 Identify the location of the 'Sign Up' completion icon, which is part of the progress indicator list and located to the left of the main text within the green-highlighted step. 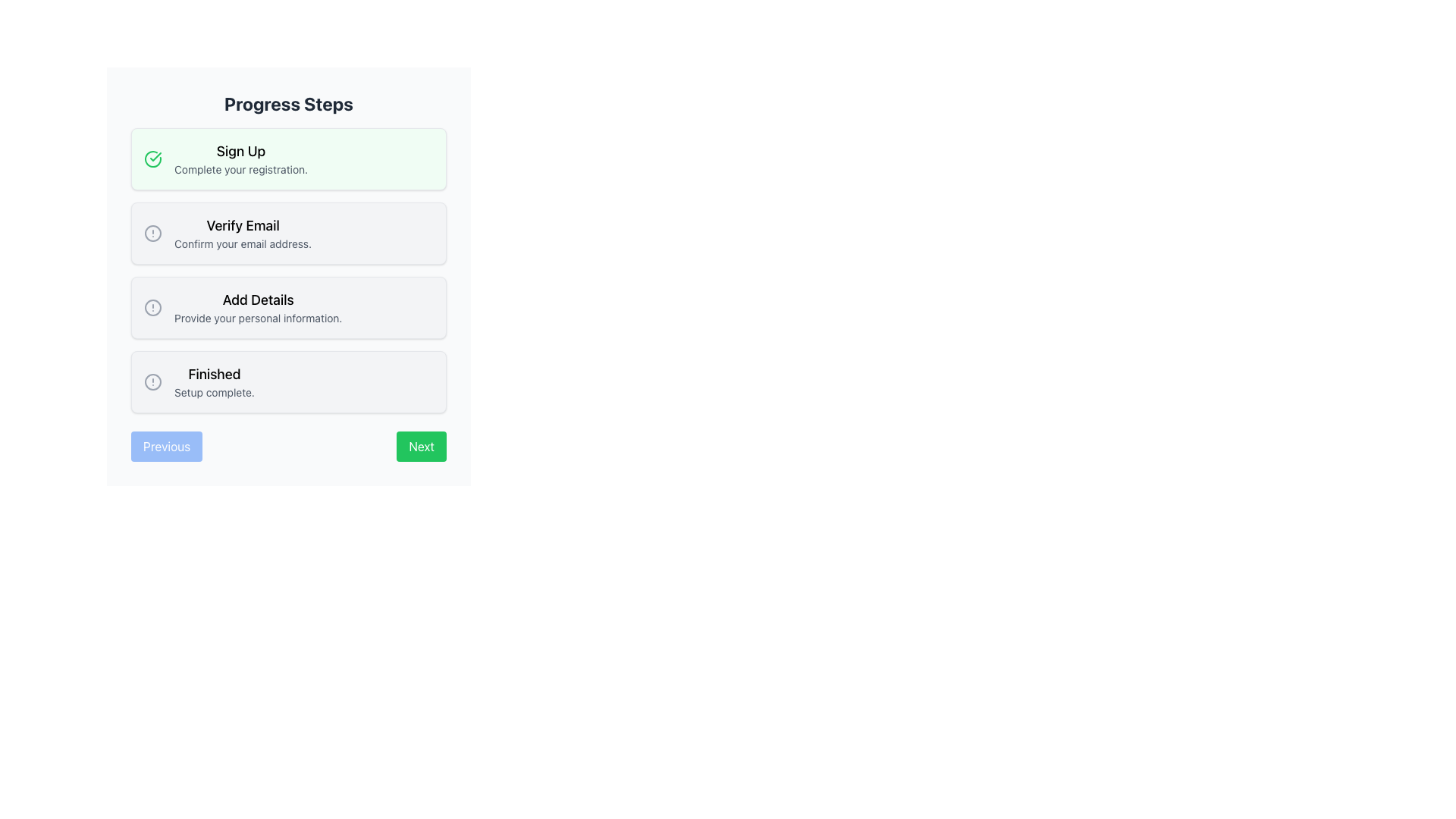
(155, 157).